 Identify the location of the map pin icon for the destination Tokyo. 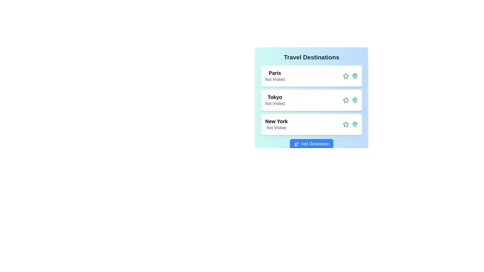
(354, 100).